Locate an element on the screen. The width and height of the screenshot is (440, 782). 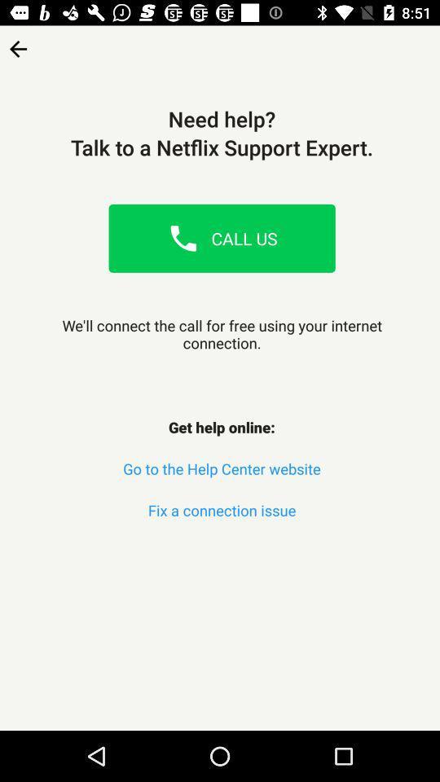
go back is located at coordinates (17, 42).